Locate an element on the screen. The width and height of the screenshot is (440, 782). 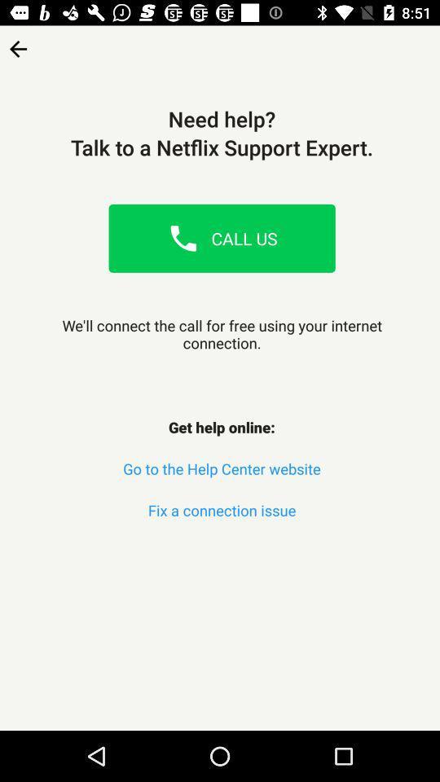
go back is located at coordinates (17, 42).